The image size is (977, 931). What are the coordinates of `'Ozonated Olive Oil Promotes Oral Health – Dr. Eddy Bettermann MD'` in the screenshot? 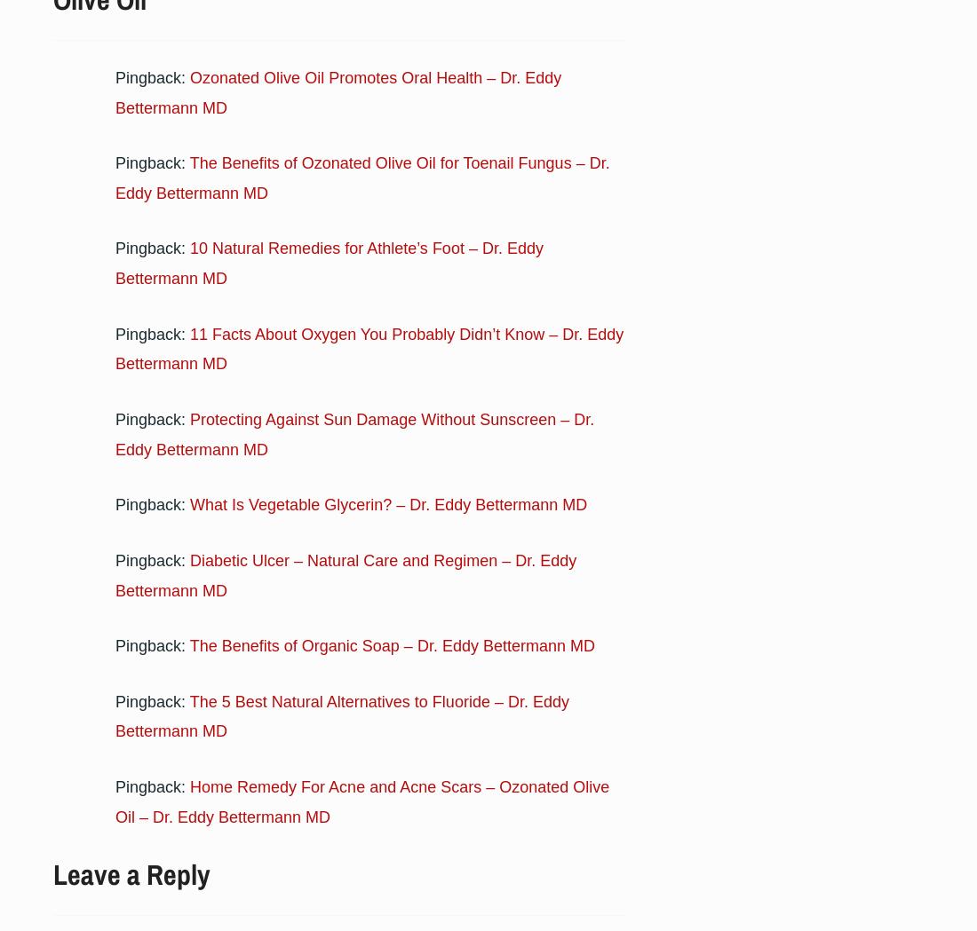 It's located at (338, 91).